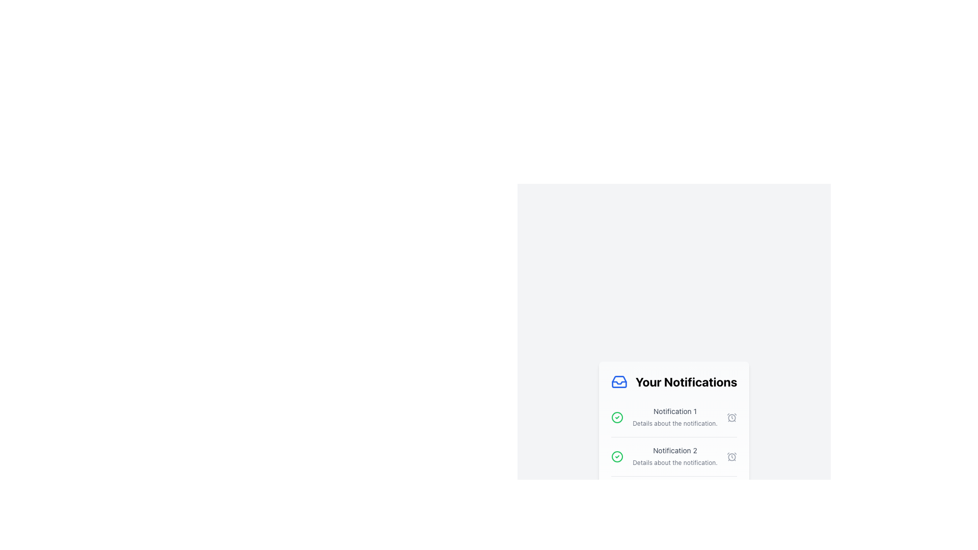 This screenshot has height=550, width=978. What do you see at coordinates (686, 381) in the screenshot?
I see `the text label 'Your Notifications', which is prominently styled and positioned next to a blue inbox icon in the notification panel` at bounding box center [686, 381].